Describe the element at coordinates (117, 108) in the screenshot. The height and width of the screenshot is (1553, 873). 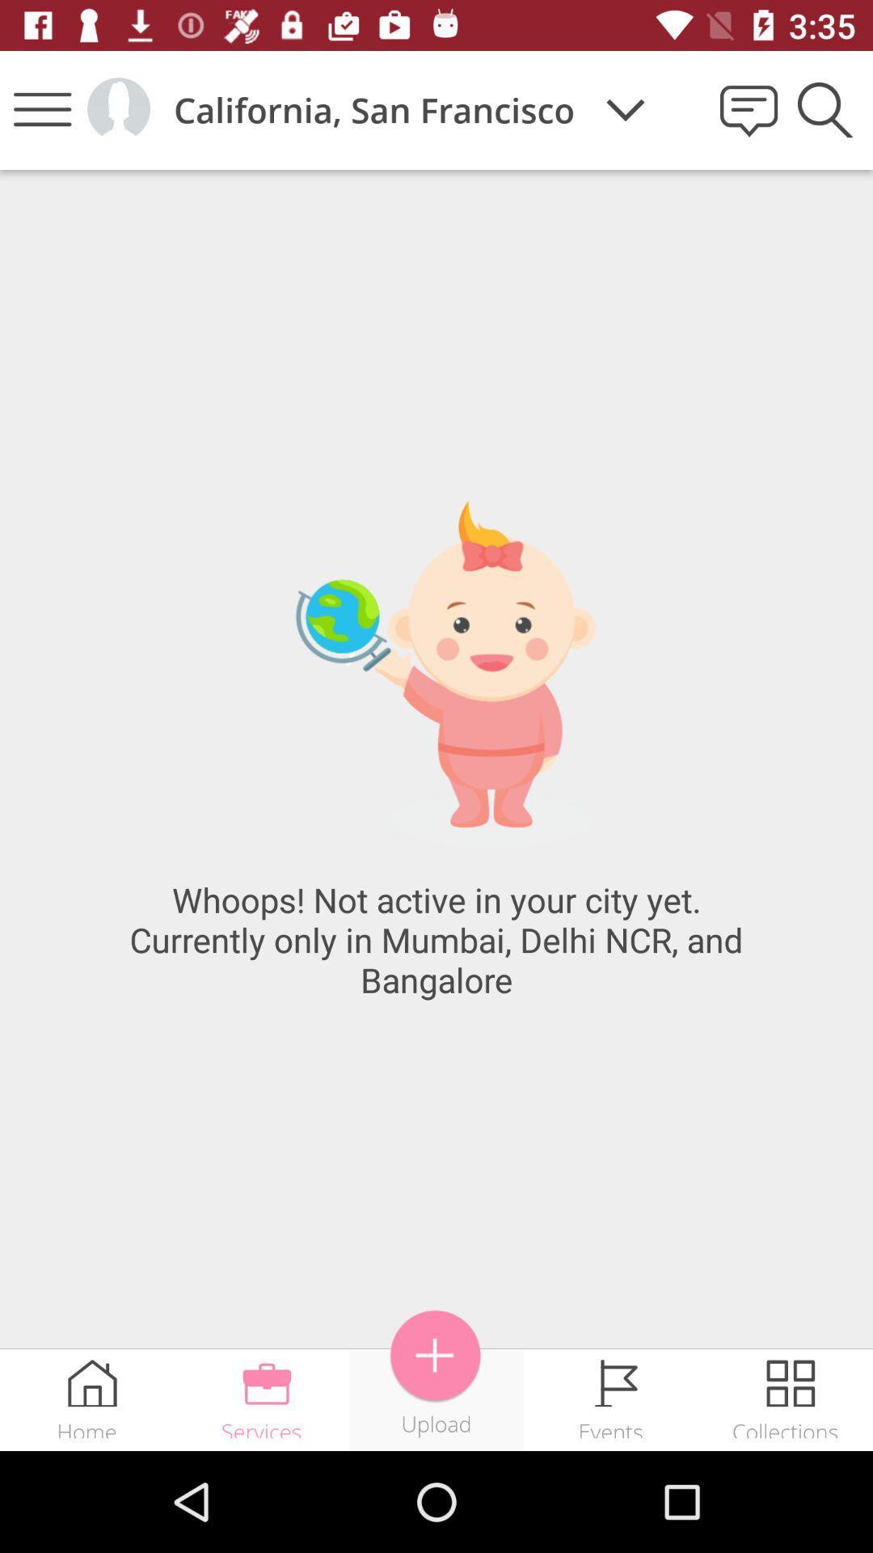
I see `profile` at that location.